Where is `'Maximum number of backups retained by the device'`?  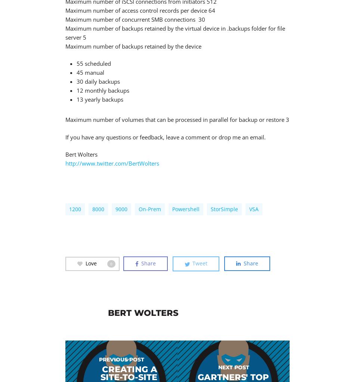 'Maximum number of backups retained by the device' is located at coordinates (133, 46).